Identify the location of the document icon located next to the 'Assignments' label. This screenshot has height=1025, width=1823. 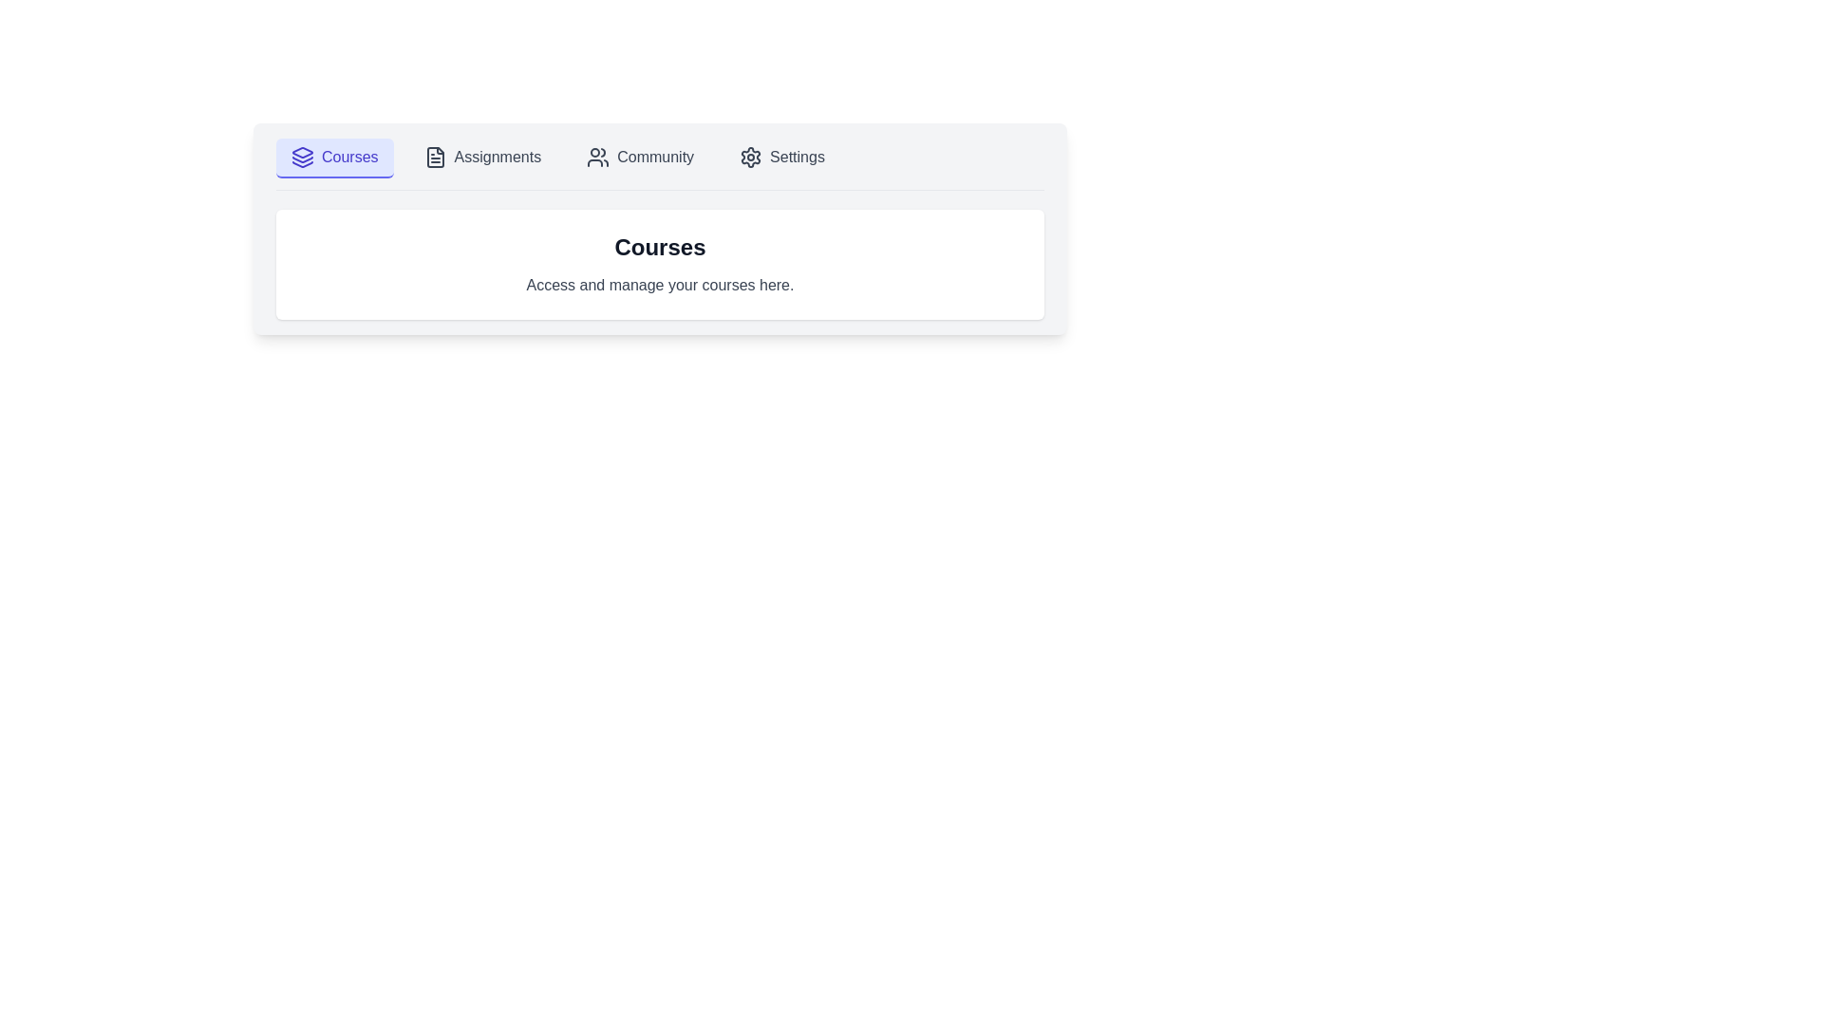
(434, 156).